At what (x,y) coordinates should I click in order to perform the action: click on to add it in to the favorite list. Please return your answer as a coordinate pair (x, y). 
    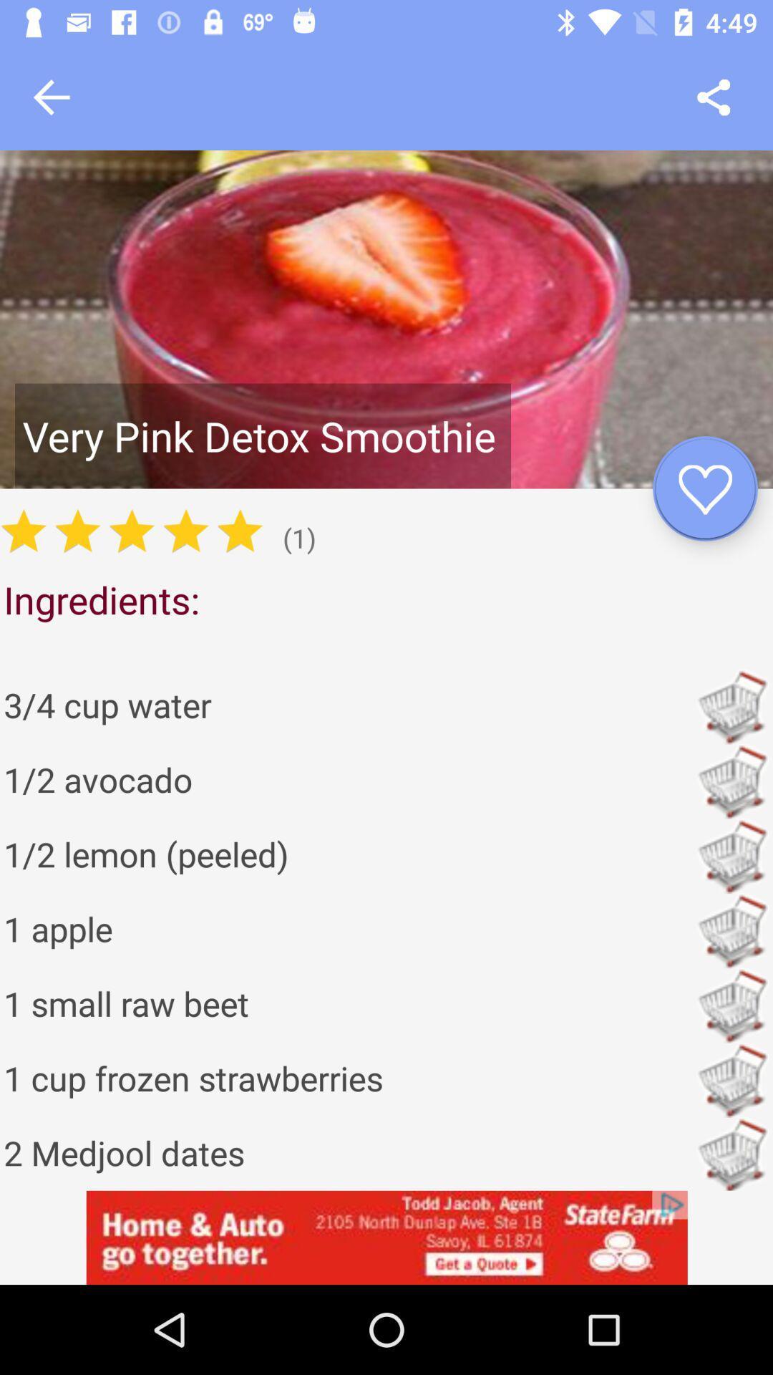
    Looking at the image, I should click on (704, 488).